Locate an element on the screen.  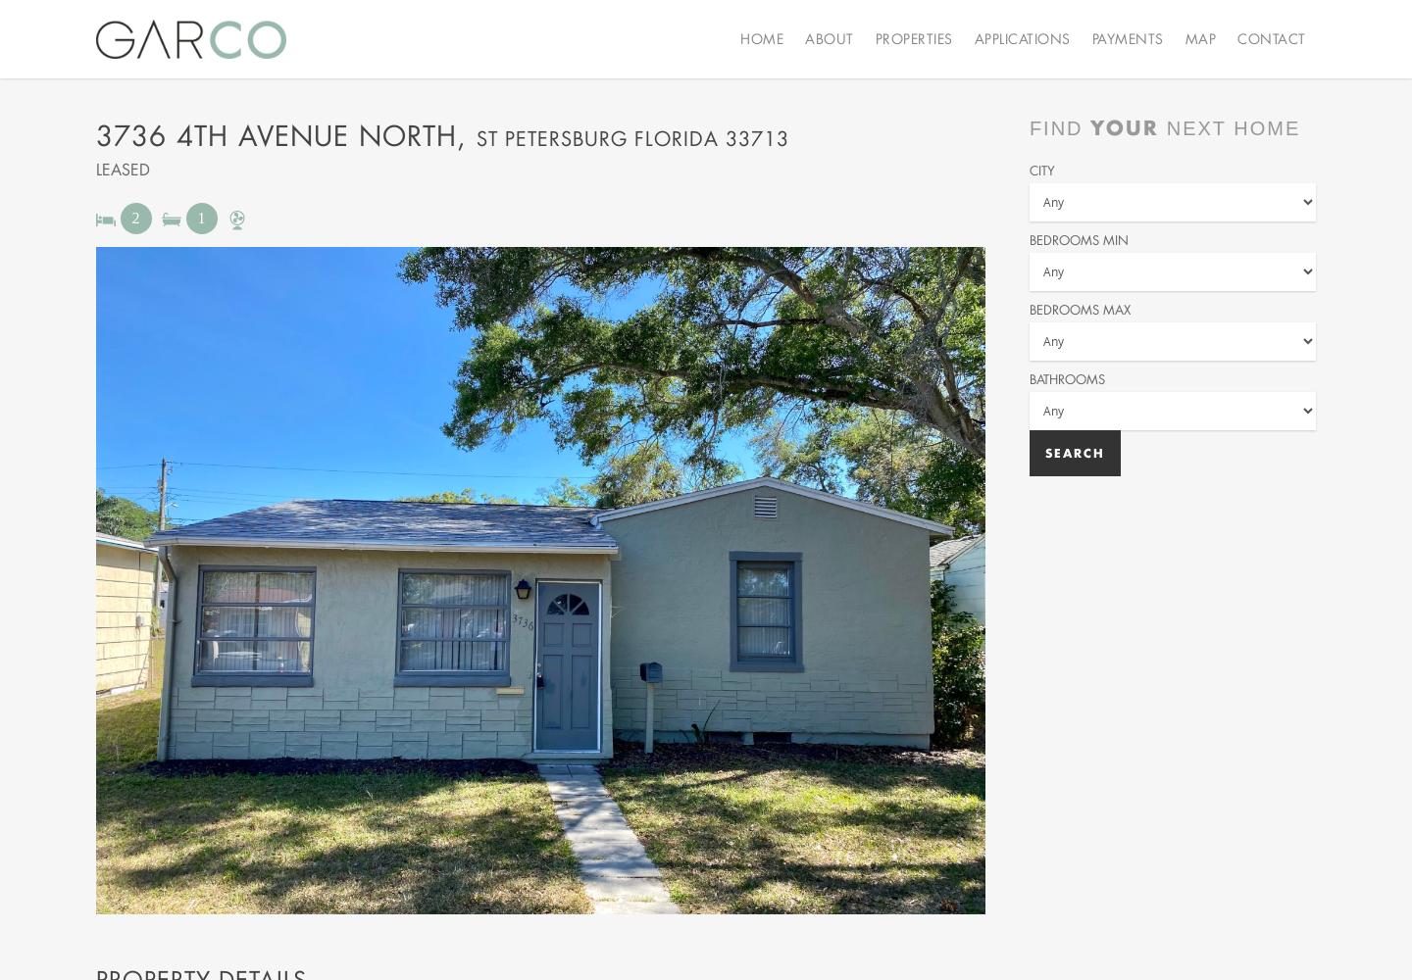
'3736 4th Avenue North,' is located at coordinates (95, 135).